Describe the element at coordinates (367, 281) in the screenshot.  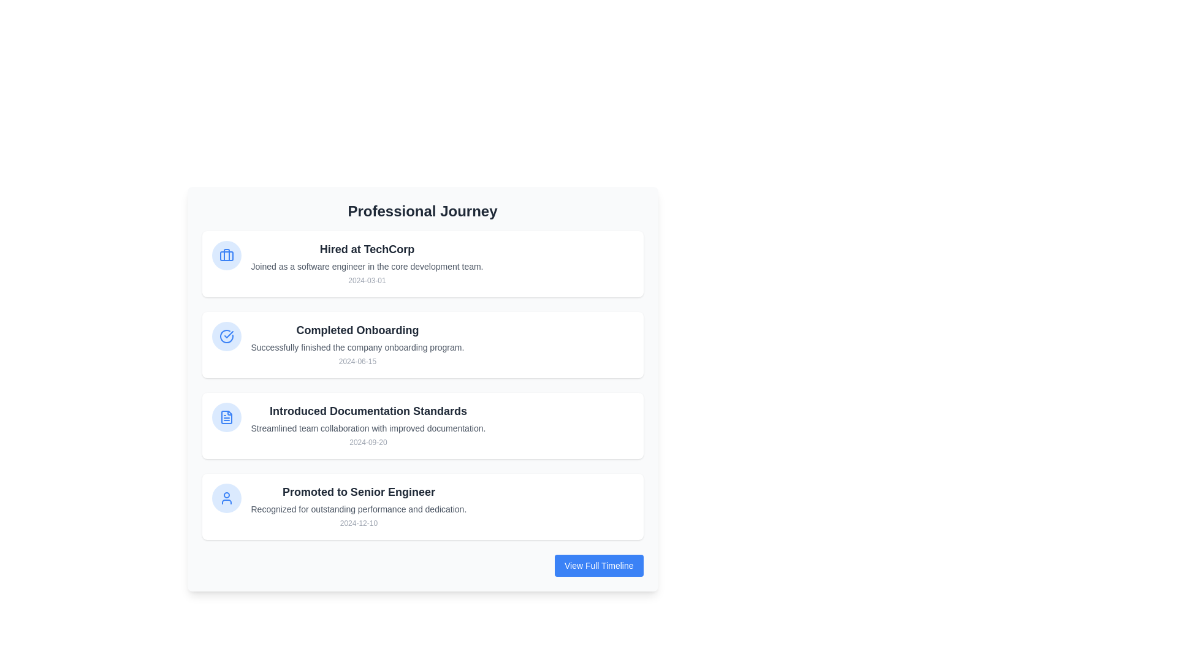
I see `the static text indicating the joining date at the bottom-right of the 'Hired at TechCorp' information block` at that location.